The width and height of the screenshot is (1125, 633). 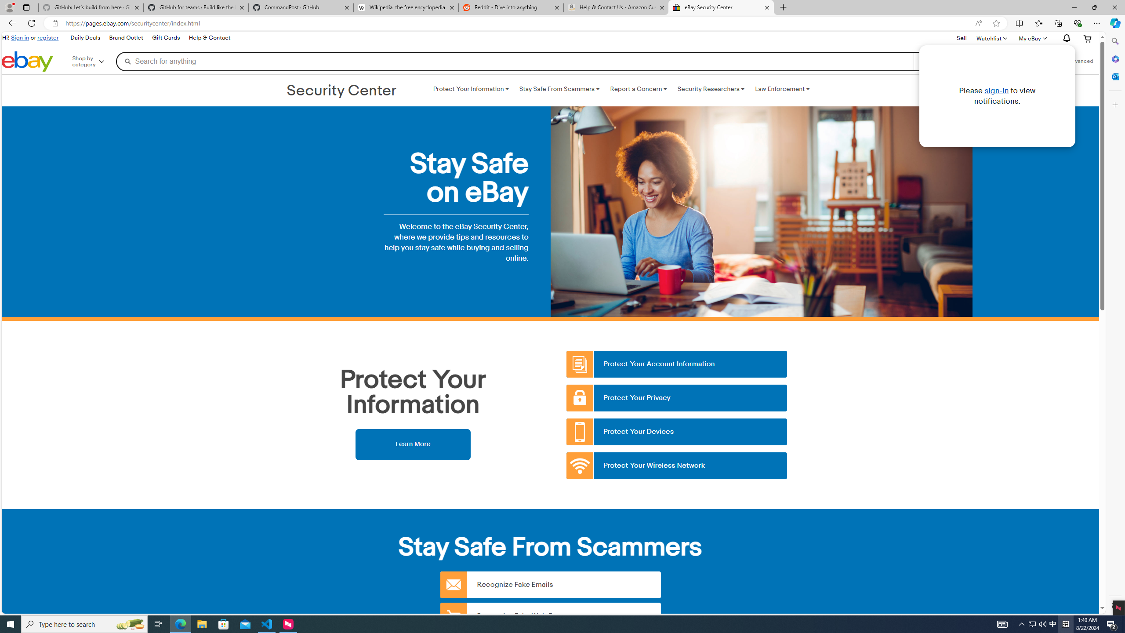 What do you see at coordinates (677, 397) in the screenshot?
I see `'Protect Your Privacy'` at bounding box center [677, 397].